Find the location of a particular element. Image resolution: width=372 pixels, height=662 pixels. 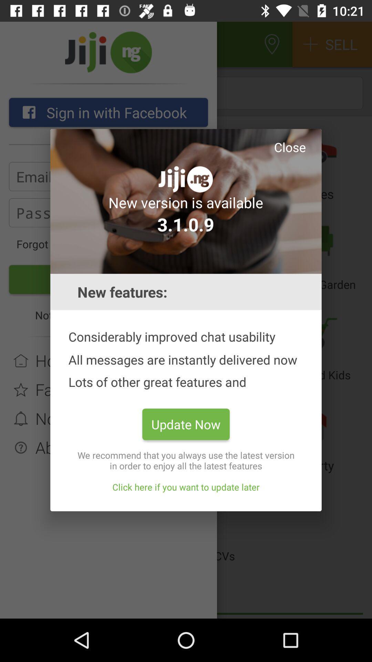

the item below considerably improved chat app is located at coordinates (186, 424).